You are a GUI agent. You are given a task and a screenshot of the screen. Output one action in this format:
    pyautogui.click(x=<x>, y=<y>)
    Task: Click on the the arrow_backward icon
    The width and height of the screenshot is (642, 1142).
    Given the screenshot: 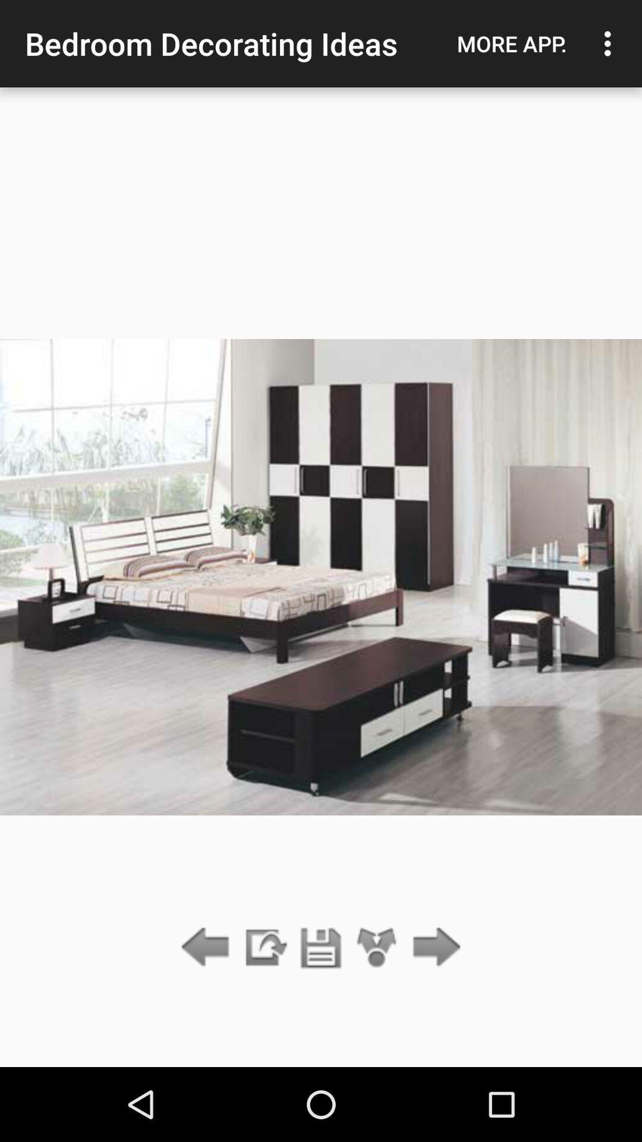 What is the action you would take?
    pyautogui.click(x=208, y=948)
    